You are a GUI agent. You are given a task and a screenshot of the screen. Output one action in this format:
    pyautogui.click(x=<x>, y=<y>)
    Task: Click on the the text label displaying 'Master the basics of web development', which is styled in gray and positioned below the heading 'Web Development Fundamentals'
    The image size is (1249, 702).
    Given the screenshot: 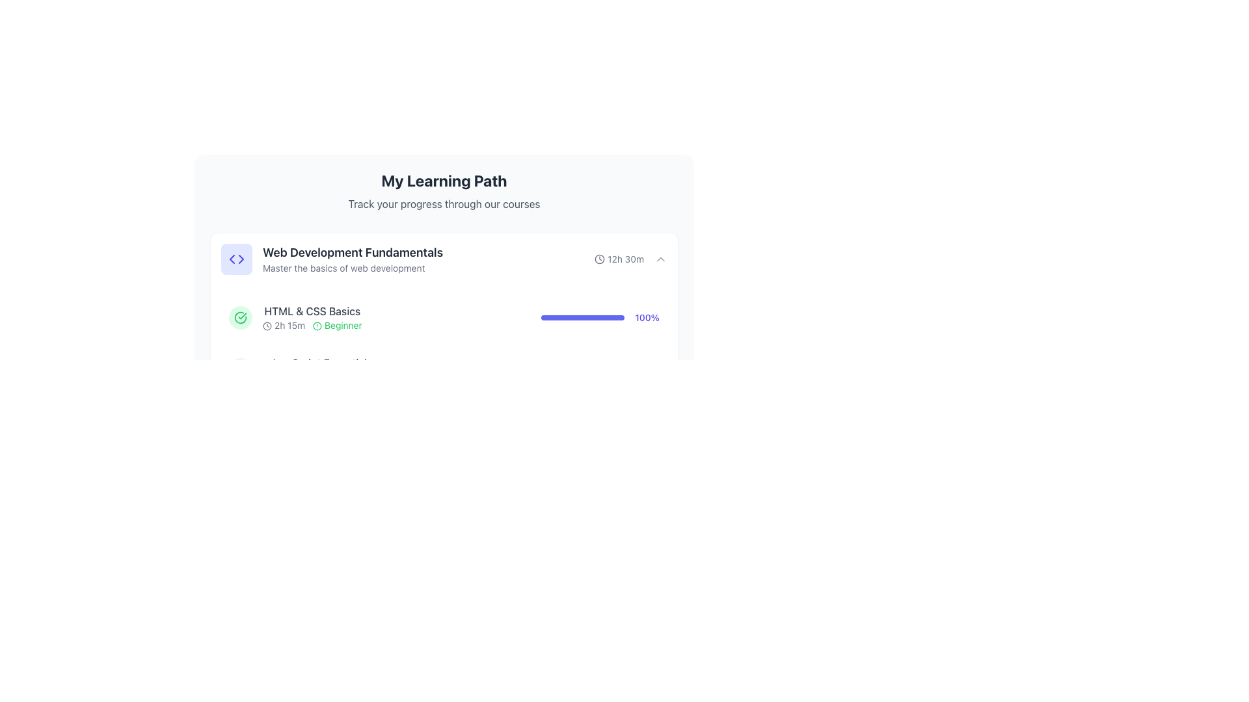 What is the action you would take?
    pyautogui.click(x=353, y=267)
    